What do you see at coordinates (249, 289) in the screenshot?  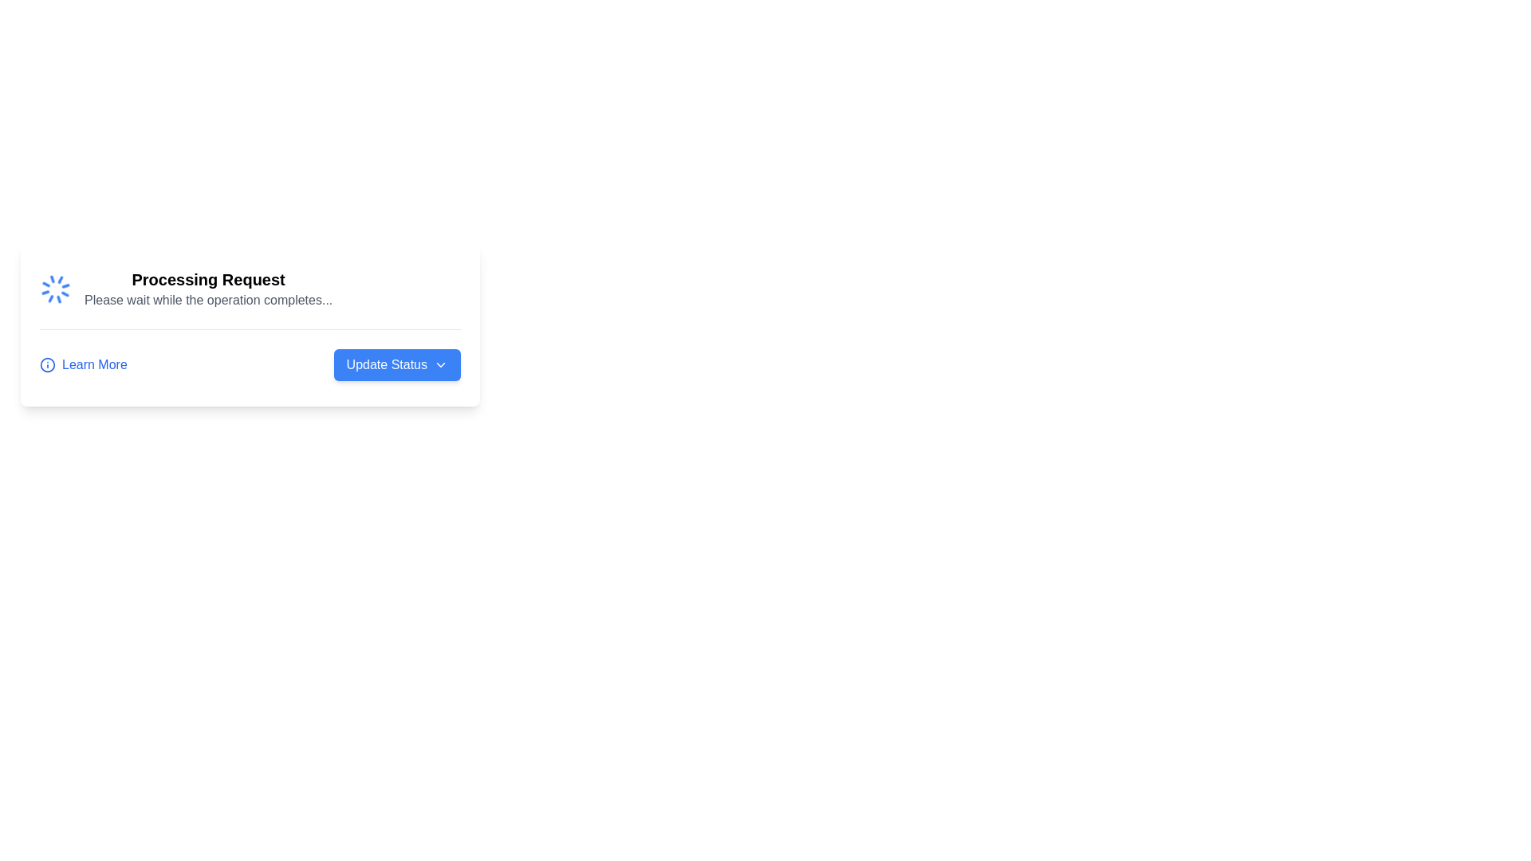 I see `status message displayed in the Status indicator section, which shows a spinning loader icon followed by the text 'Processing Request' and 'Please wait while the operation completes...'` at bounding box center [249, 289].